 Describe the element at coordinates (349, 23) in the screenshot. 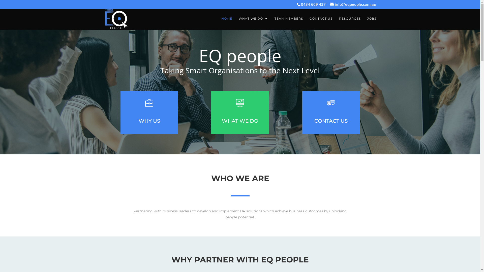

I see `'RESOURCES'` at that location.